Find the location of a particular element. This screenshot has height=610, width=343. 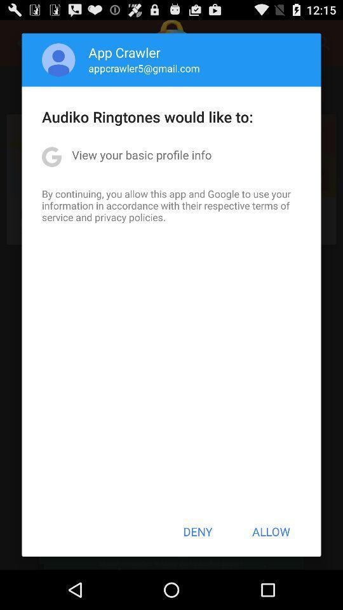

the app below by continuing you item is located at coordinates (198, 531).